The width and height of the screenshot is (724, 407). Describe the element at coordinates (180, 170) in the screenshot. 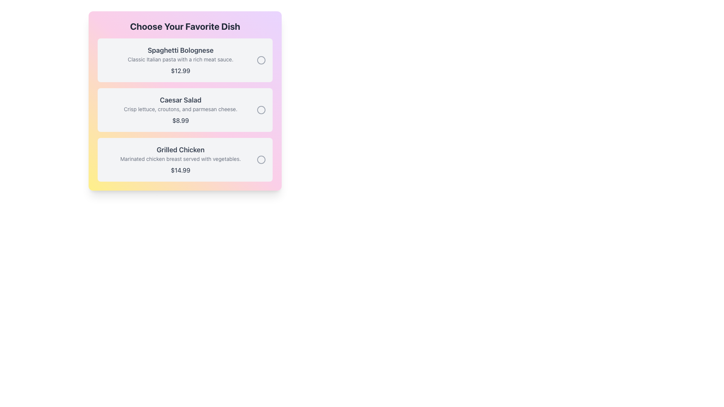

I see `the price text element that provides information on the cost of the dish, located below the description of 'Marinated chicken breast served with vegetables'` at that location.